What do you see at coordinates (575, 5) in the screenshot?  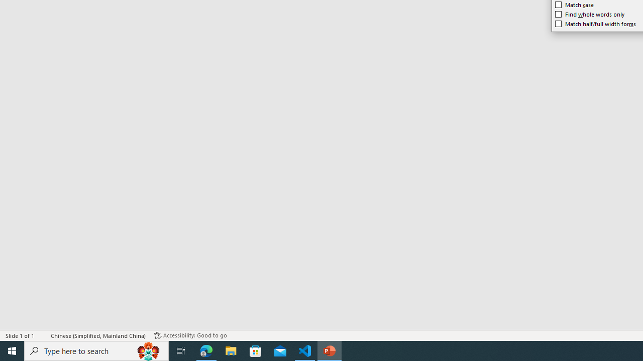 I see `'Match case'` at bounding box center [575, 5].